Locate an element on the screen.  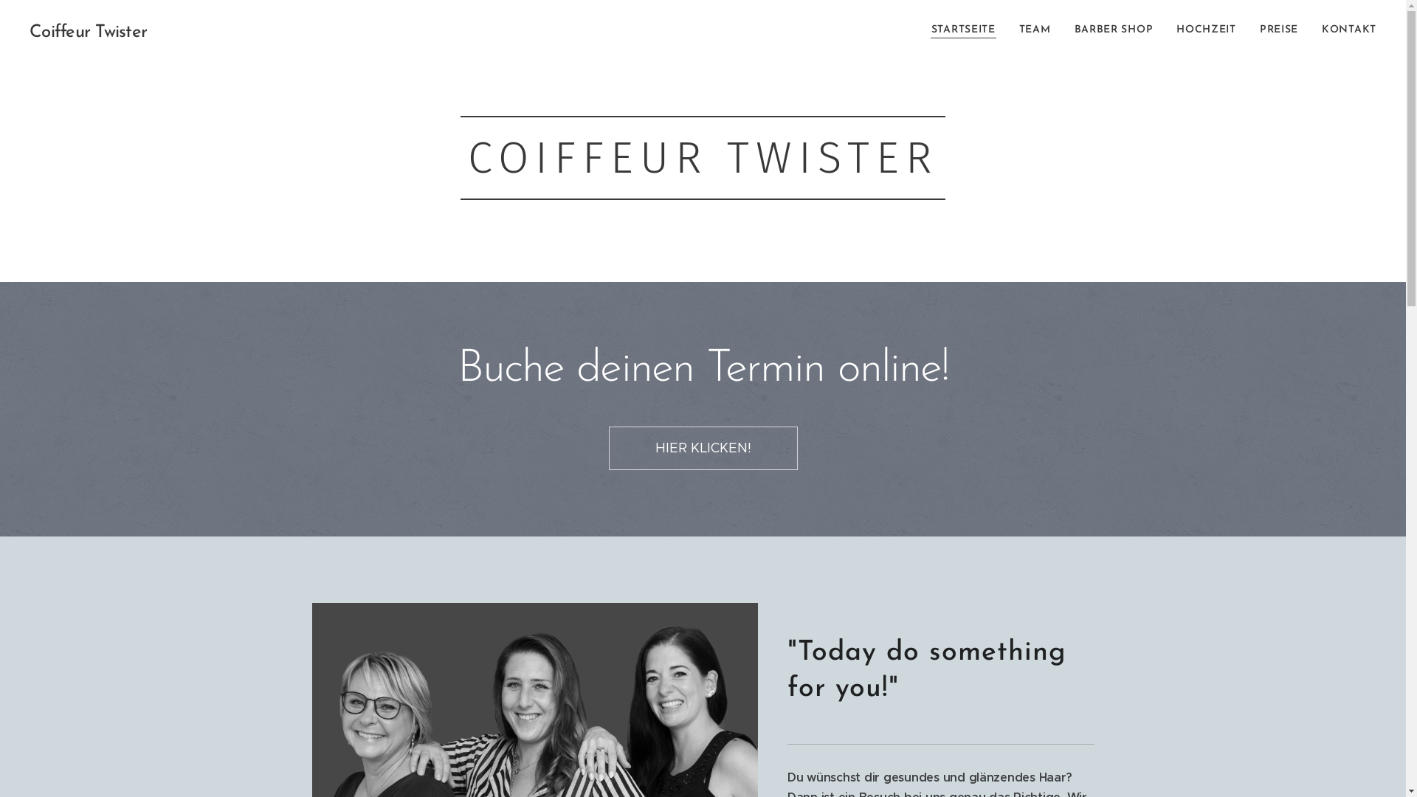
'TEAM' is located at coordinates (1034, 30).